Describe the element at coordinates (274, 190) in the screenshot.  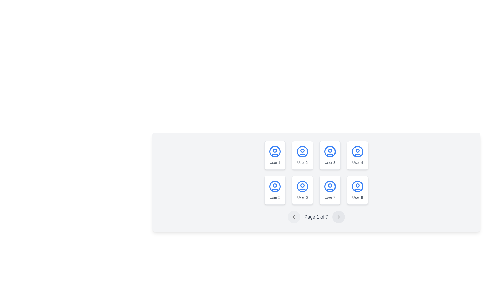
I see `the user card element containing a circular blue user icon labeled 'User 5', which is the first card in the second row of a 4-column grid layout` at that location.